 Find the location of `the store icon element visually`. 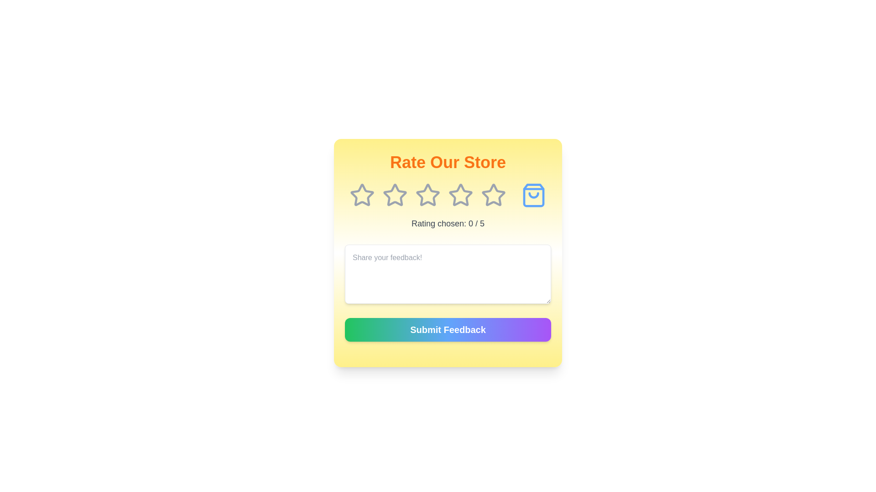

the store icon element visually is located at coordinates (534, 195).